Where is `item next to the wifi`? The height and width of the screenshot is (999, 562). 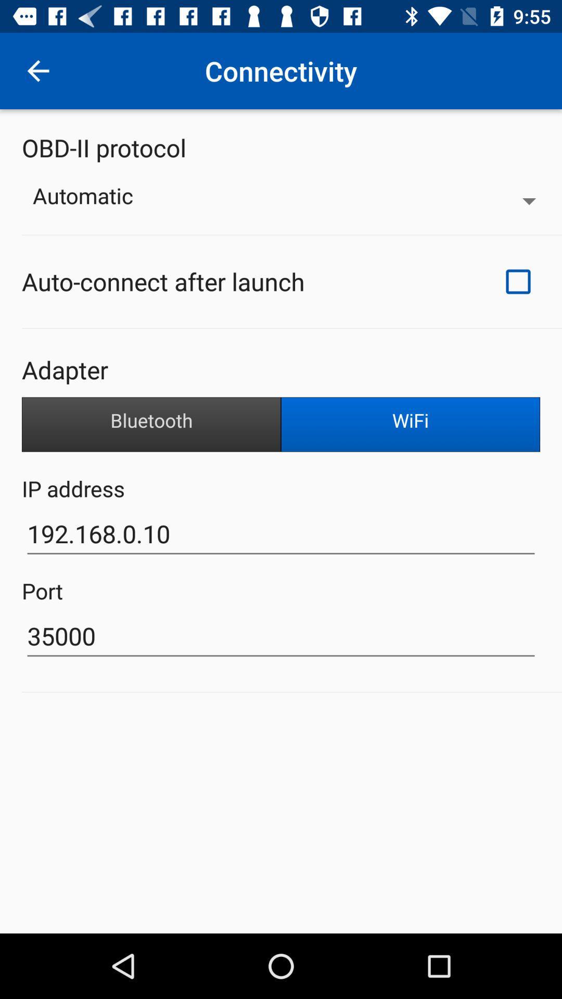
item next to the wifi is located at coordinates (151, 425).